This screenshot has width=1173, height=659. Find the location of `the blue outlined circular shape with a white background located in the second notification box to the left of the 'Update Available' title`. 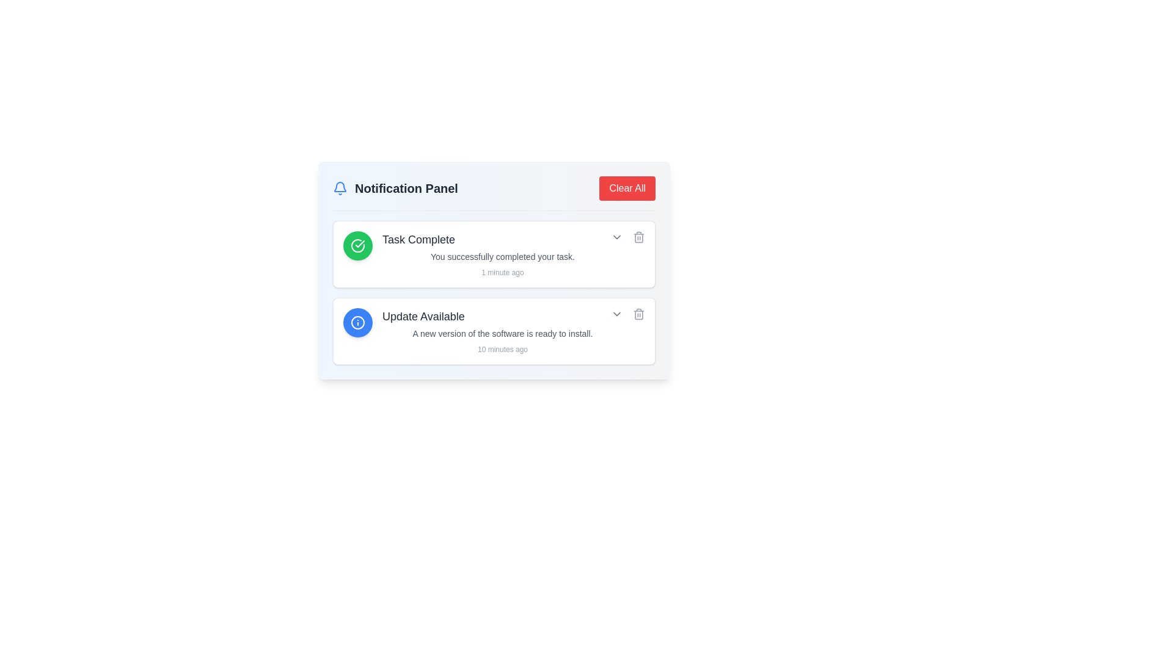

the blue outlined circular shape with a white background located in the second notification box to the left of the 'Update Available' title is located at coordinates (357, 322).